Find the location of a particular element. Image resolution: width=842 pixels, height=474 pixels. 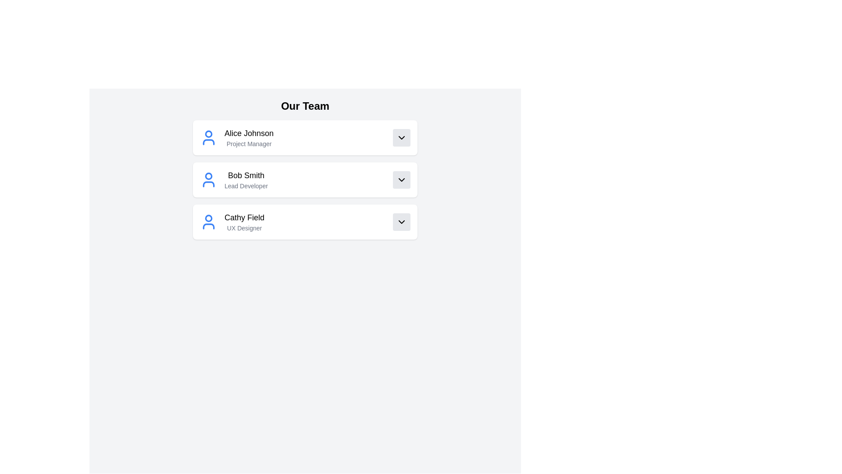

the blue user icon located to the left of the text 'Bob Smith' and 'Lead Developer' in the second row under the 'Our Team' heading is located at coordinates (208, 179).